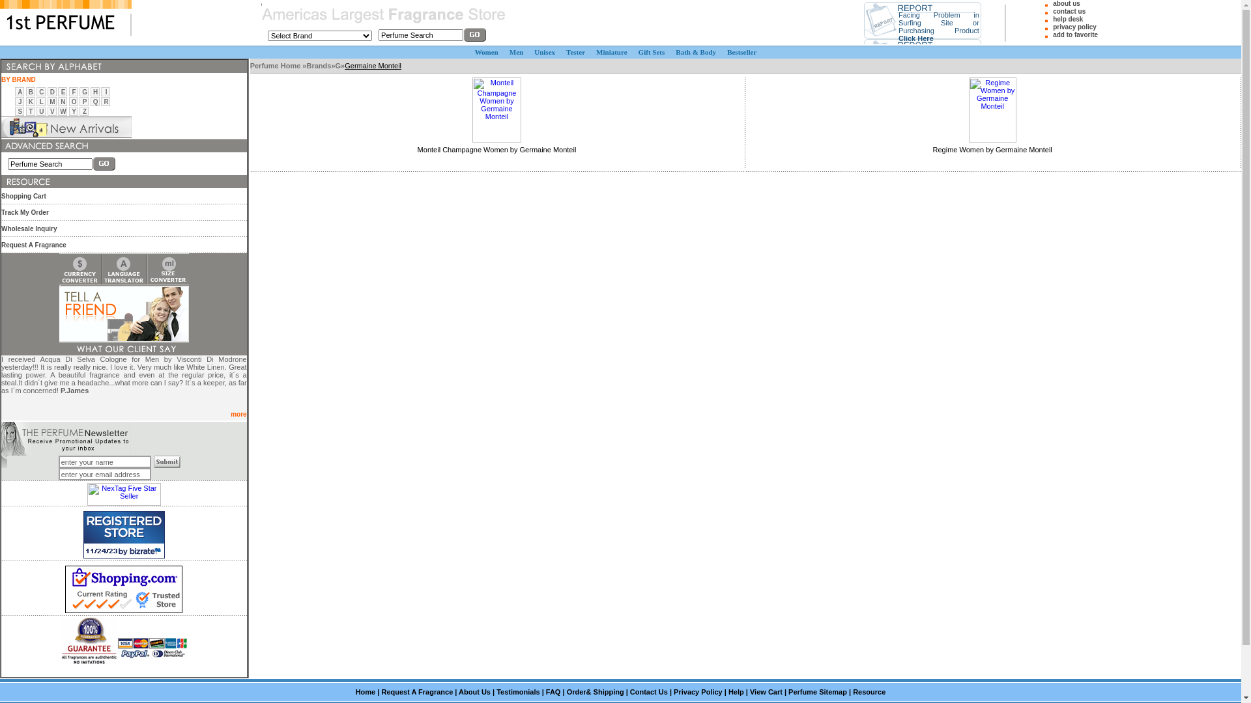  Describe the element at coordinates (28, 100) in the screenshot. I see `'K'` at that location.